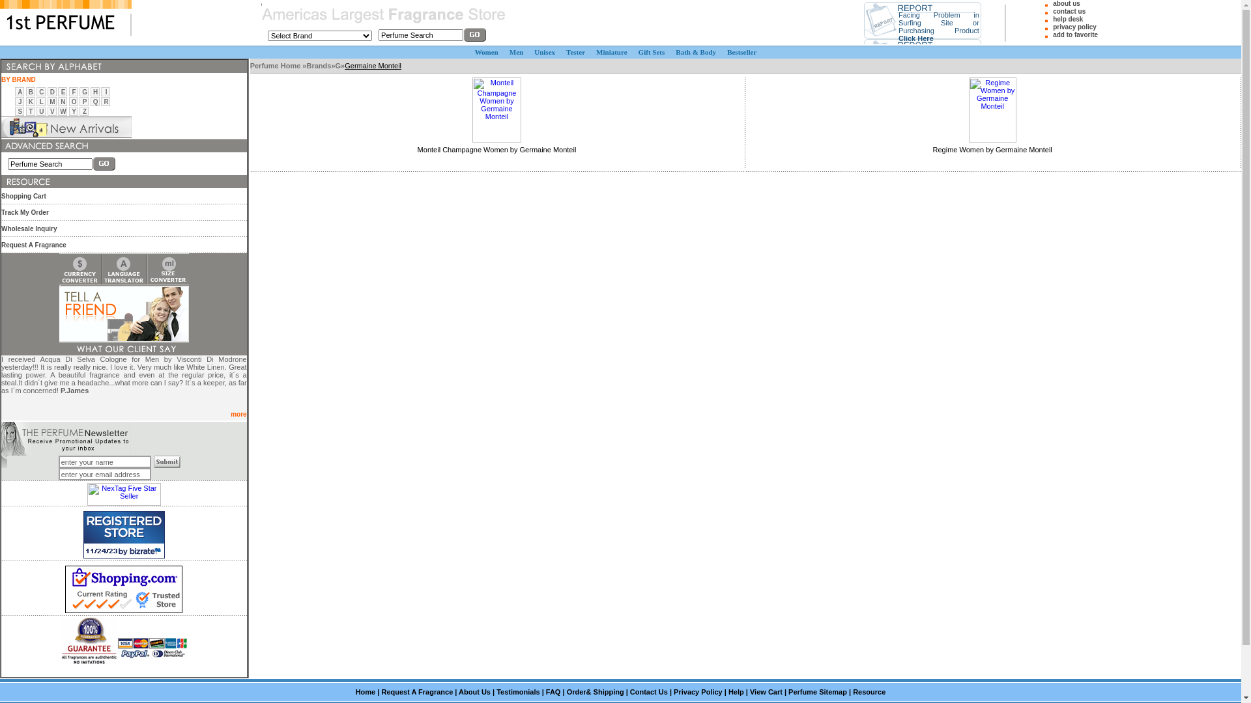  Describe the element at coordinates (28, 100) in the screenshot. I see `'K'` at that location.